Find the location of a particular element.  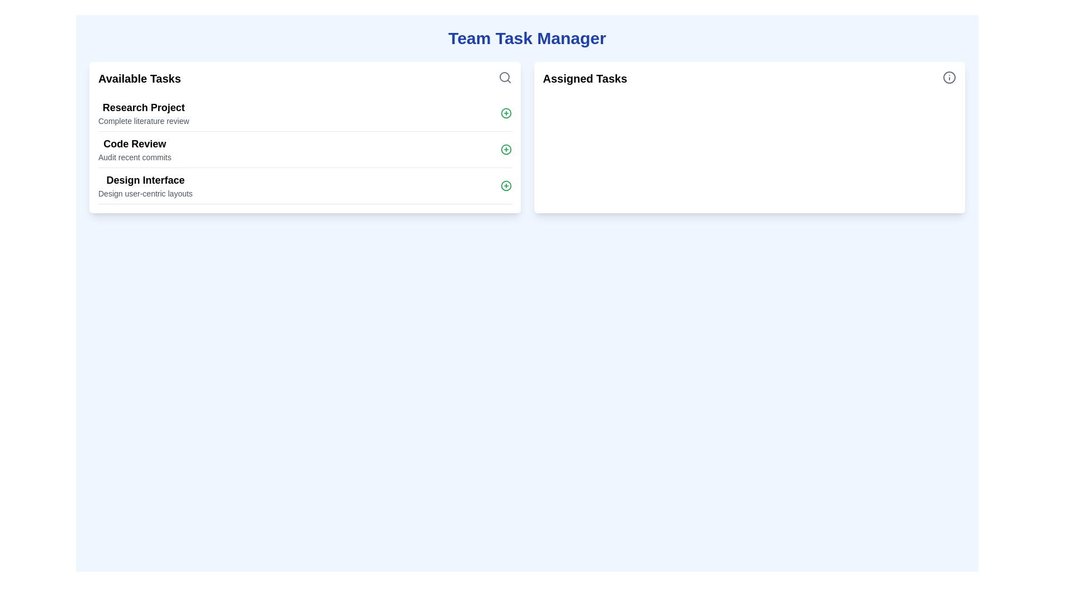

text label that serves as a section title for tasks assigned to team members, located in the upper-right quadrant of the white card interface, to the left of an informational icon is located at coordinates (584, 78).